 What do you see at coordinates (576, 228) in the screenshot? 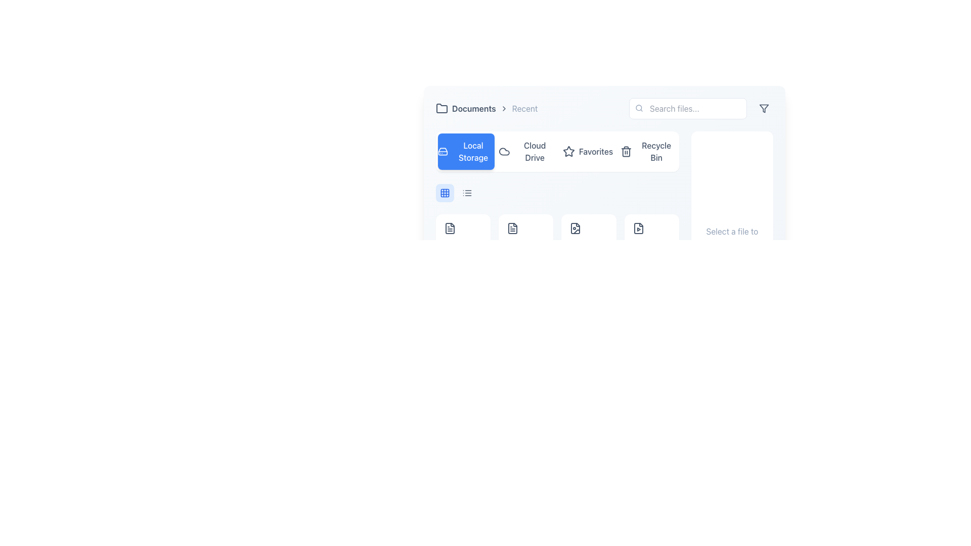
I see `the file icon representing an image` at bounding box center [576, 228].